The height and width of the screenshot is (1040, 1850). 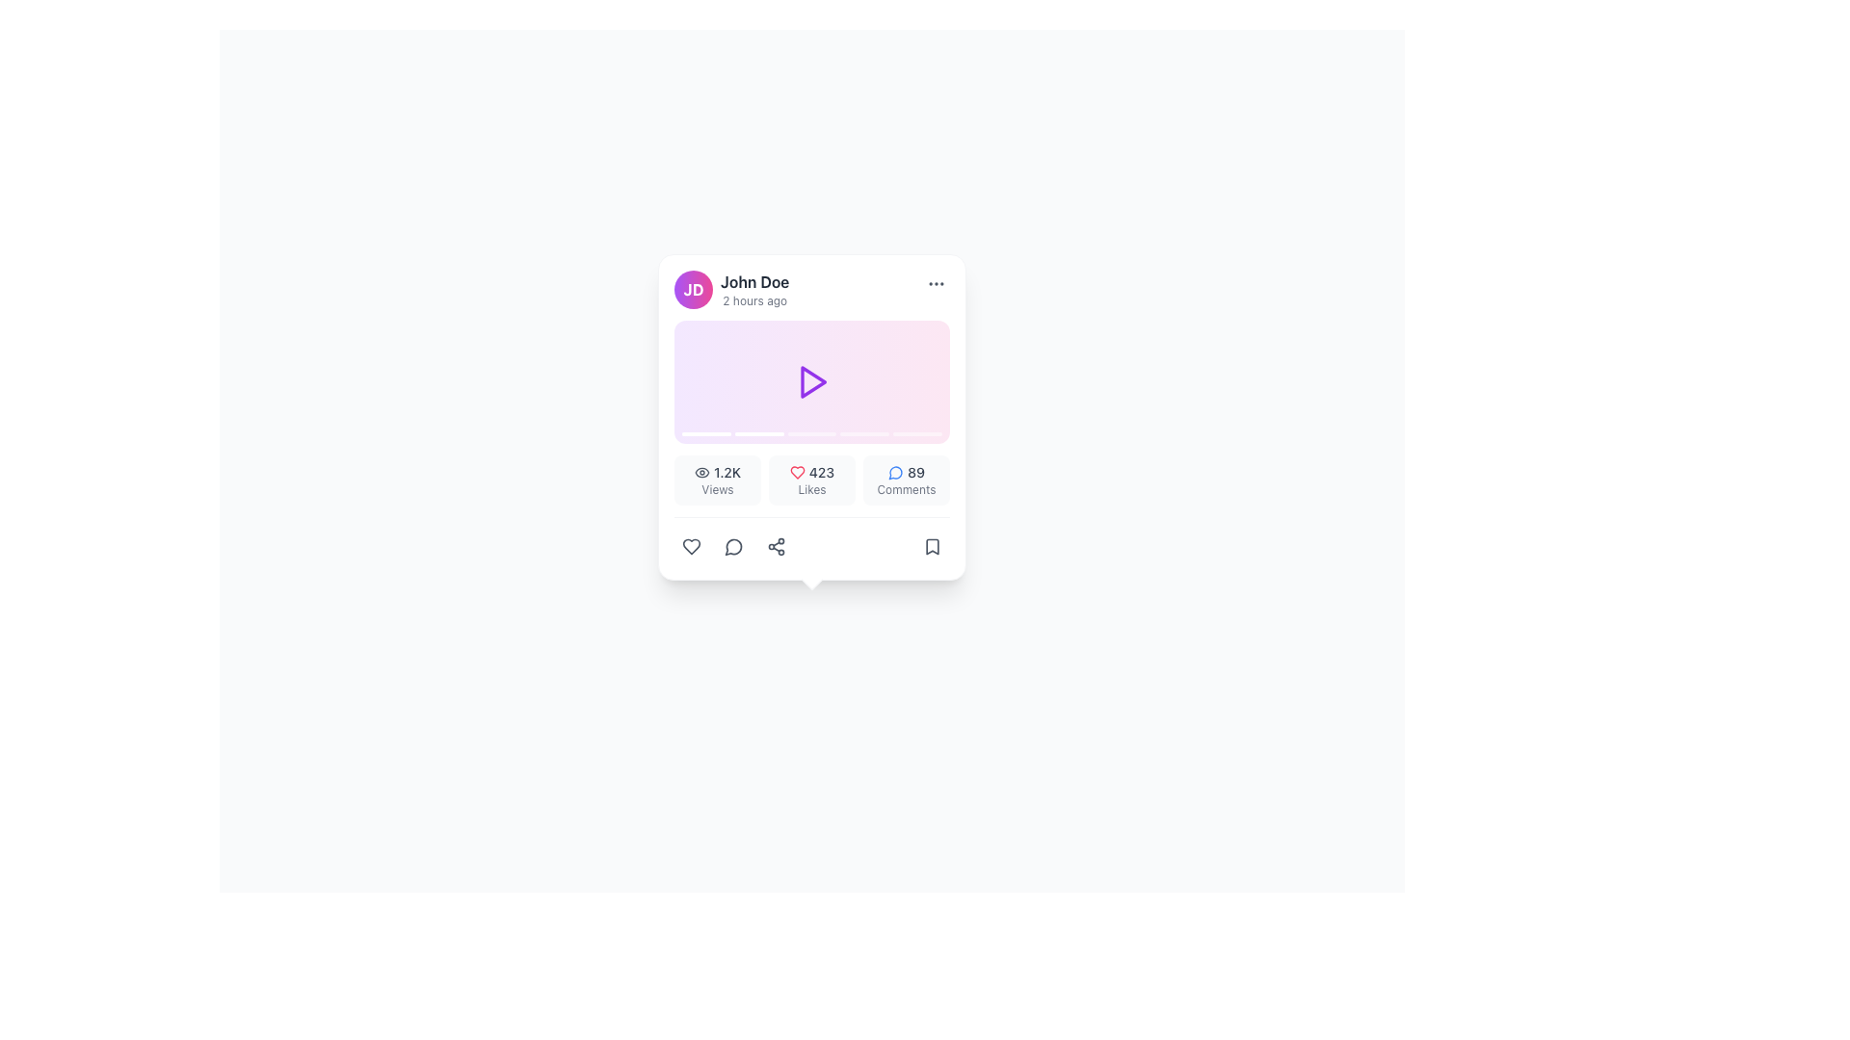 I want to click on the circular avatar badge with a gradient background transitioning from purple to pink, containing bold white initials 'JD', located at the top-left corner of the user information layout, so click(x=694, y=289).